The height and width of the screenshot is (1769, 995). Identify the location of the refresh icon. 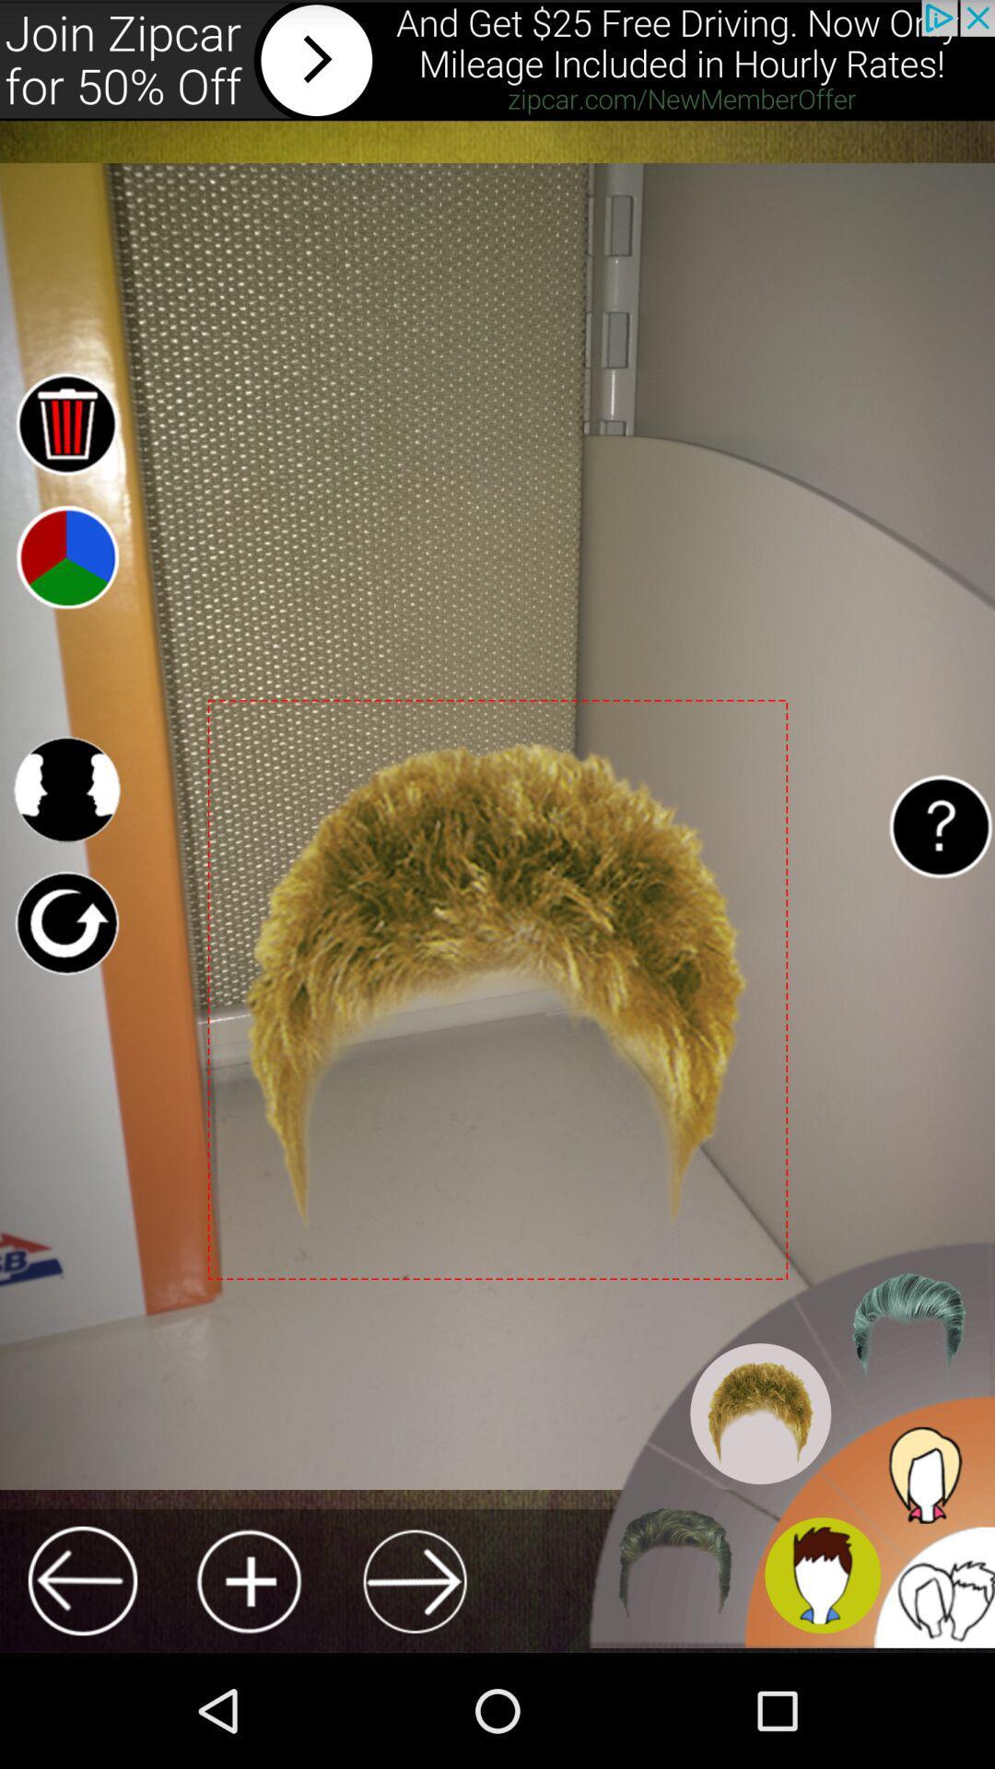
(65, 987).